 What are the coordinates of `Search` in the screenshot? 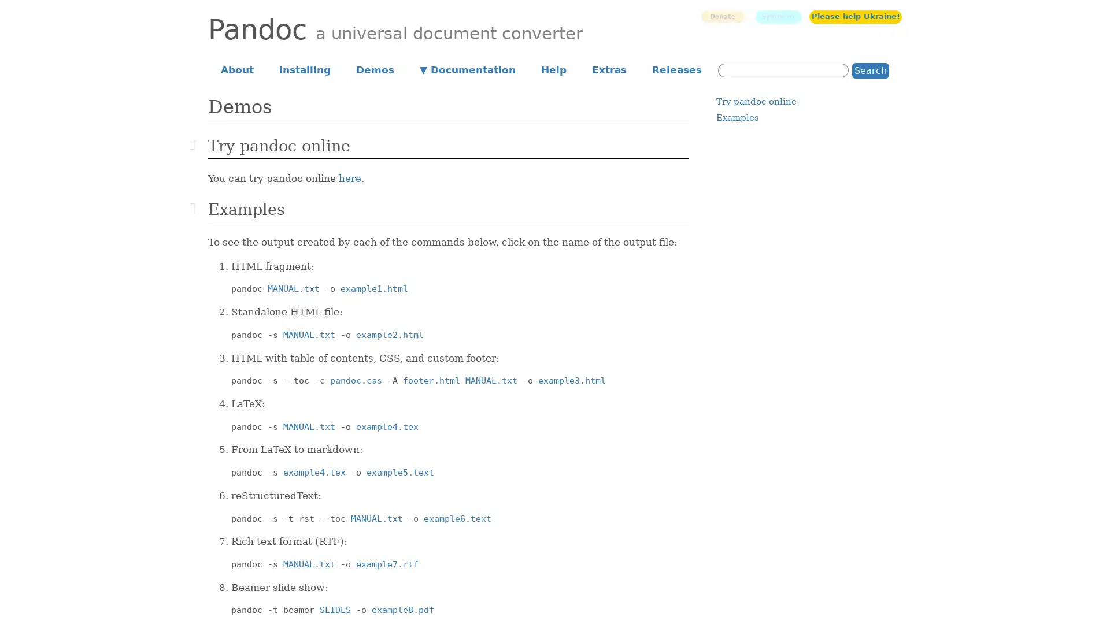 It's located at (871, 70).